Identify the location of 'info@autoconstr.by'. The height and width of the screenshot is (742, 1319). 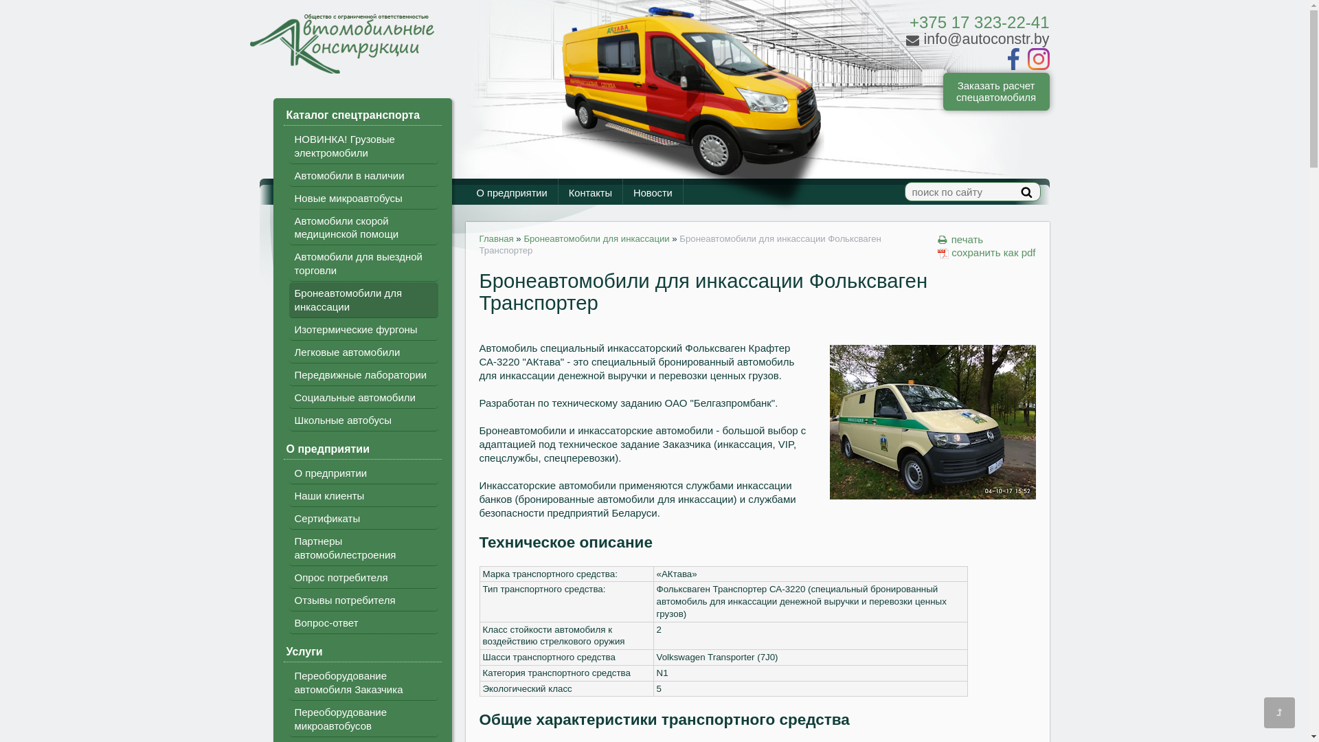
(976, 39).